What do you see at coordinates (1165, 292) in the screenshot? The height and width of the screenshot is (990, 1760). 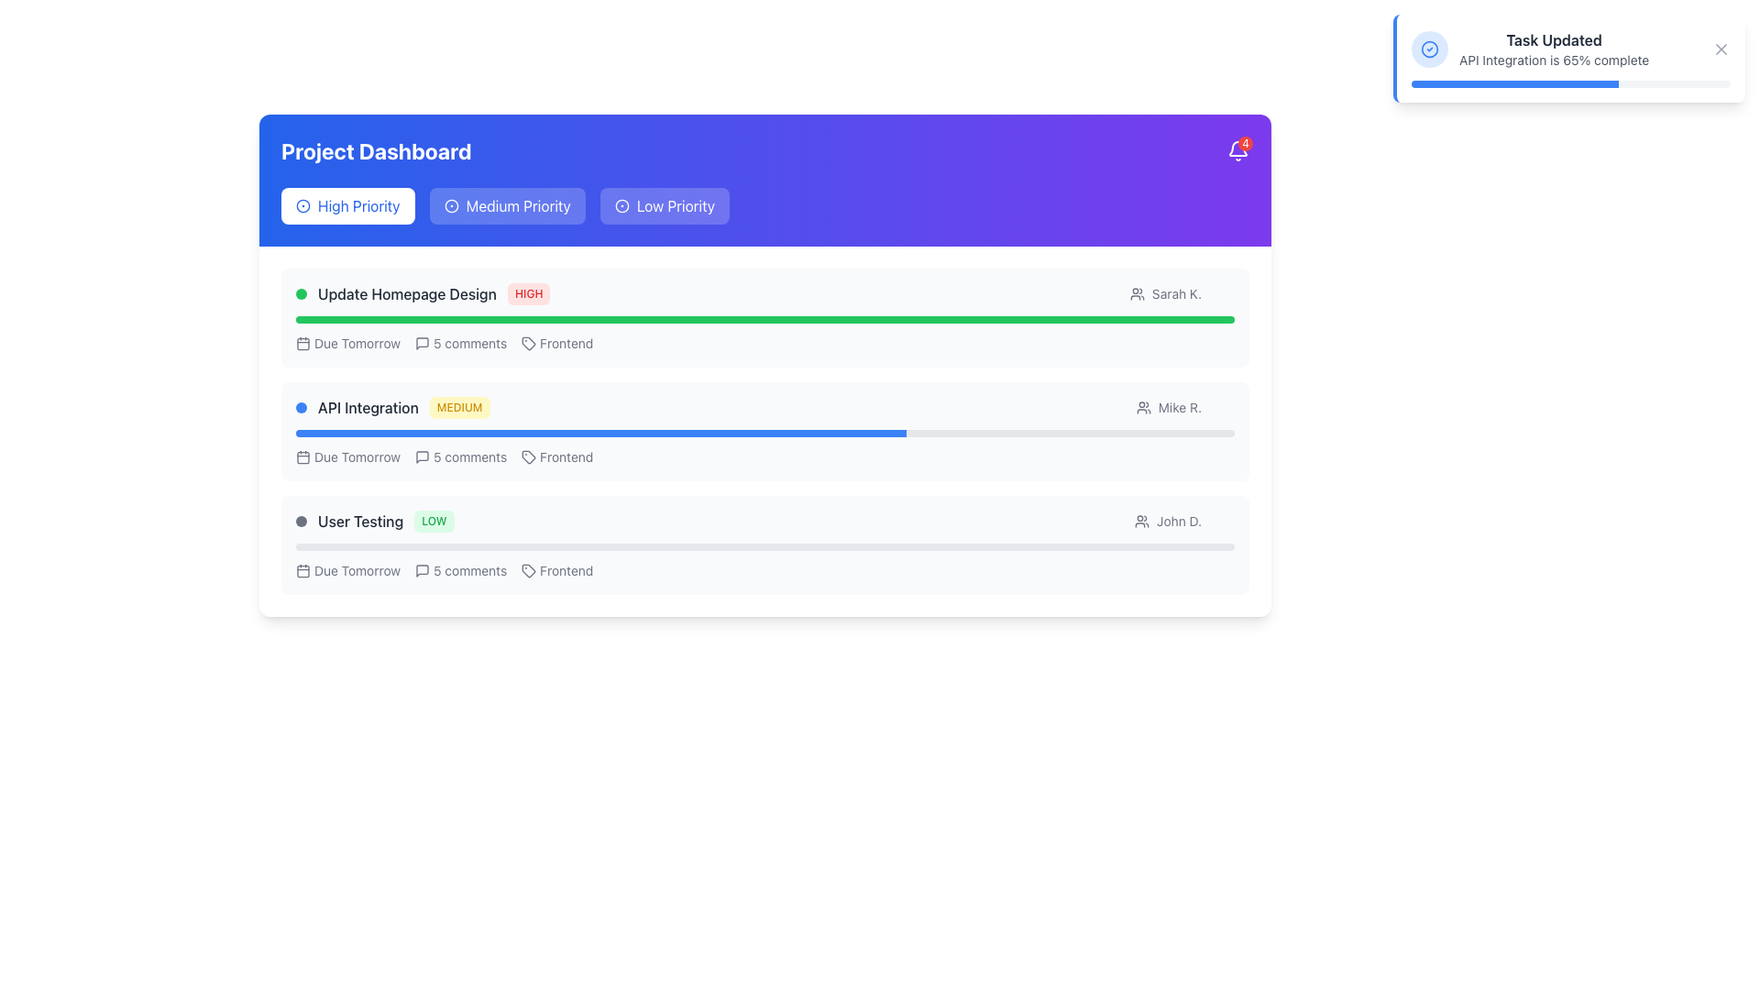 I see `the user identifier element labeled 'Sarah K.' which includes a group icon, located at the top-right of the interface within the first entry of the task list` at bounding box center [1165, 292].